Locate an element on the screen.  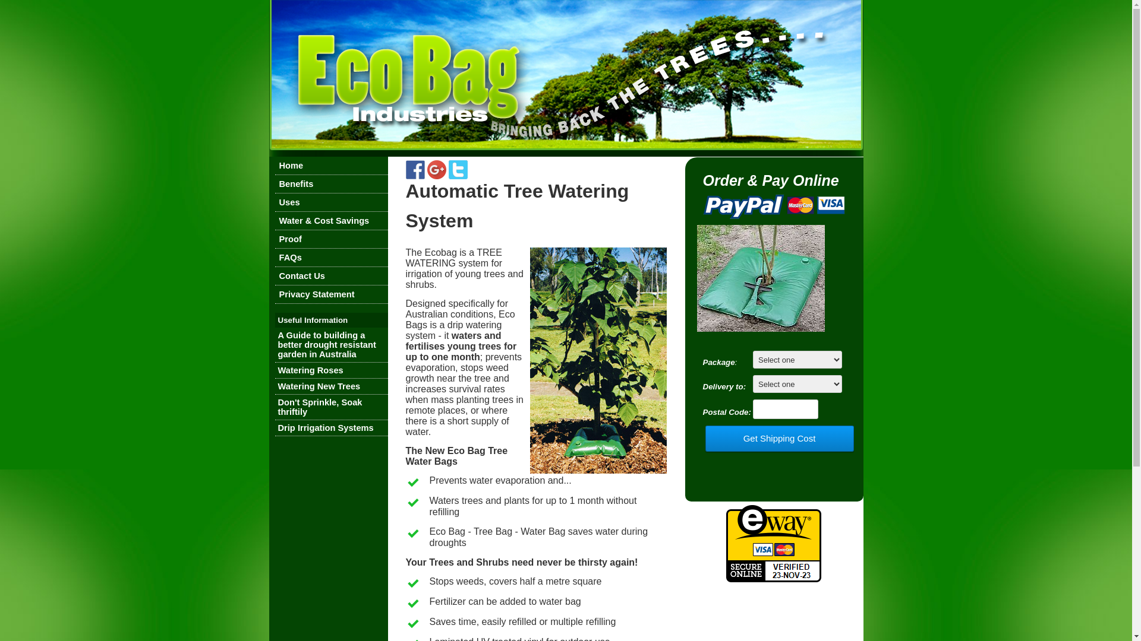
'Contact Us' is located at coordinates (279, 276).